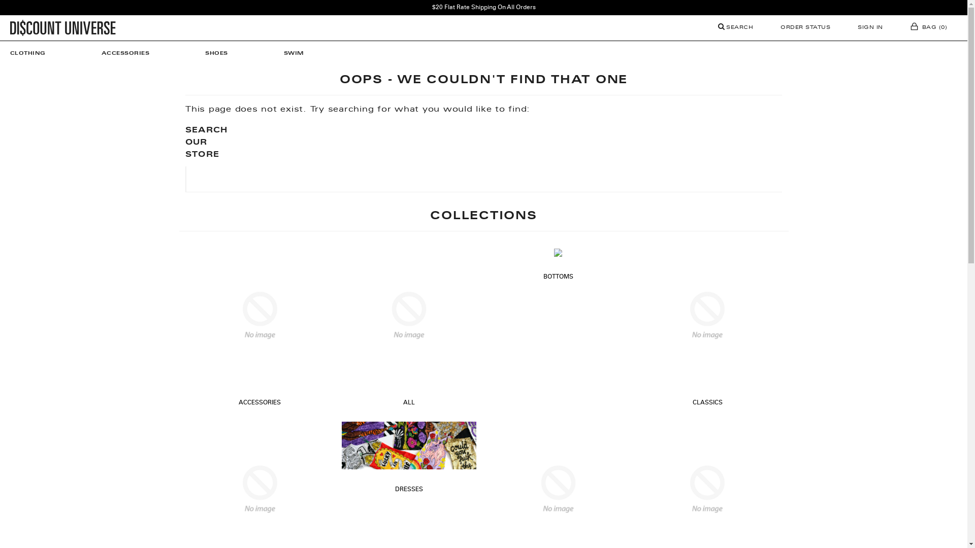 This screenshot has height=548, width=975. Describe the element at coordinates (804, 27) in the screenshot. I see `'ORDER STATUS'` at that location.